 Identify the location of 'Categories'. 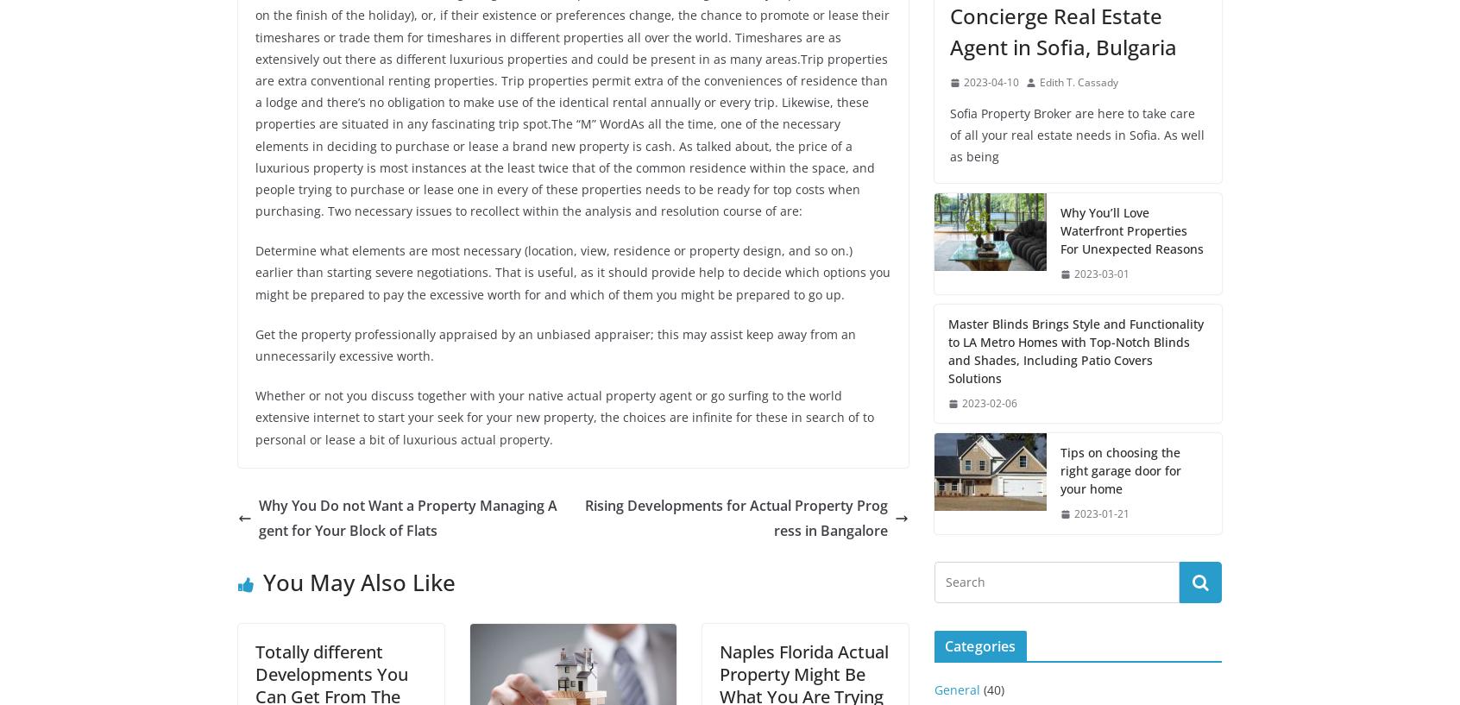
(979, 646).